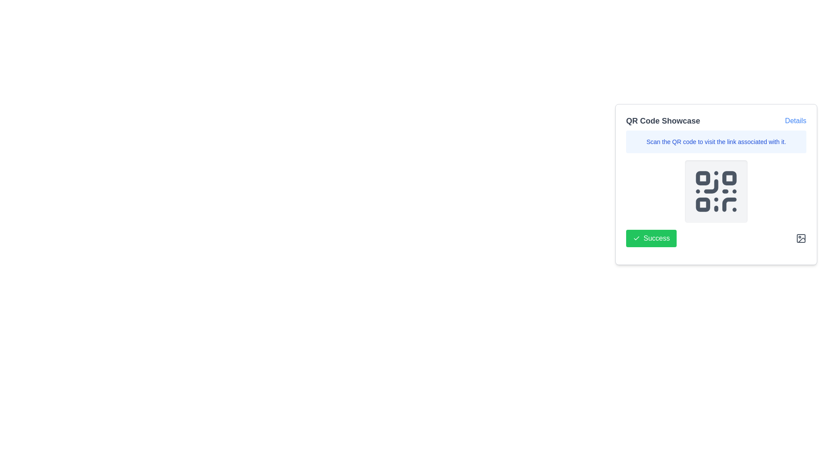 The width and height of the screenshot is (836, 470). I want to click on static text providing instructions for scanning the QR code, located below the title 'QR Code Showcase' and the 'Details' link within the QR code showcase card, so click(716, 141).